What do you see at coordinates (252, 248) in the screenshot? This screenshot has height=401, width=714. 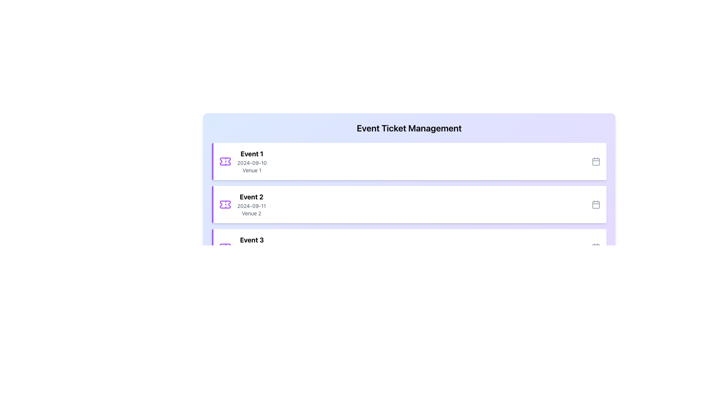 I see `information displayed in the static informational display for 'Event 3', which includes the title, date, and venue` at bounding box center [252, 248].